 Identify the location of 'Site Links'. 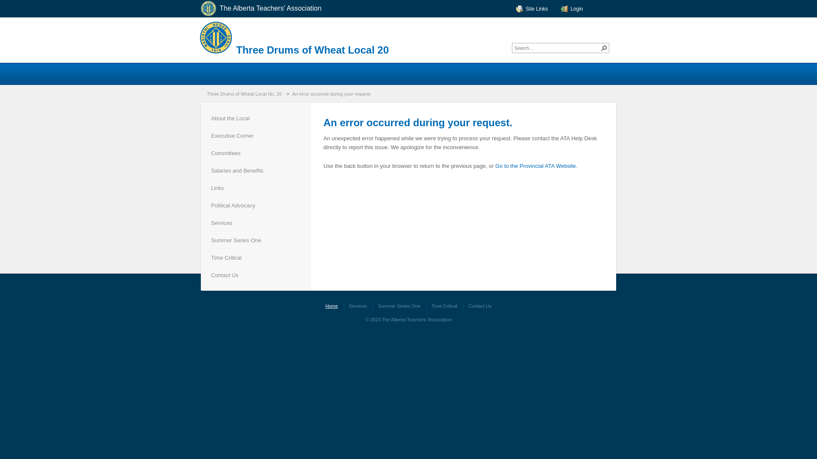
(531, 8).